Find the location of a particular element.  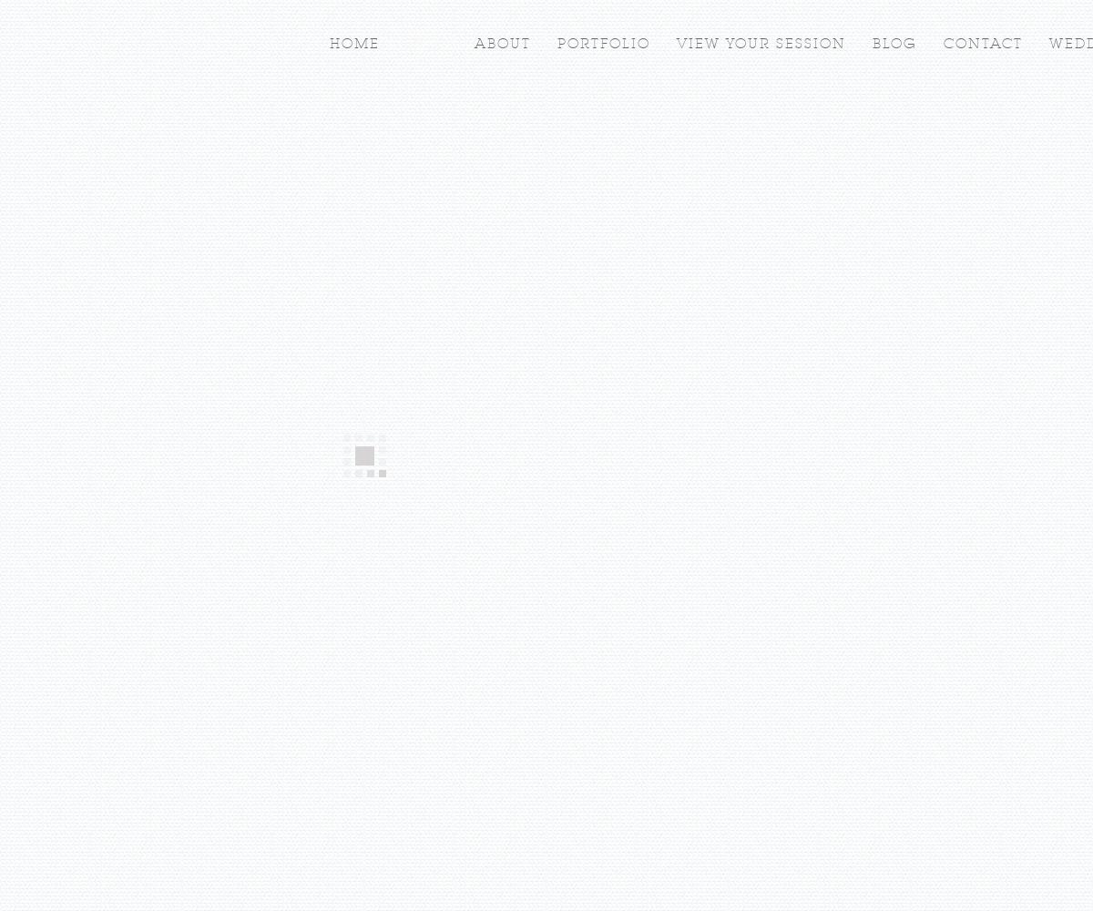

'I would love to photograph you! You can schedule your portrait session anytime that works best for you, whether a weekday or weekend.  I am happy to work with you at any location to give you exactly the kind or portraits you’re looking for that fits your family best.' is located at coordinates (540, 288).